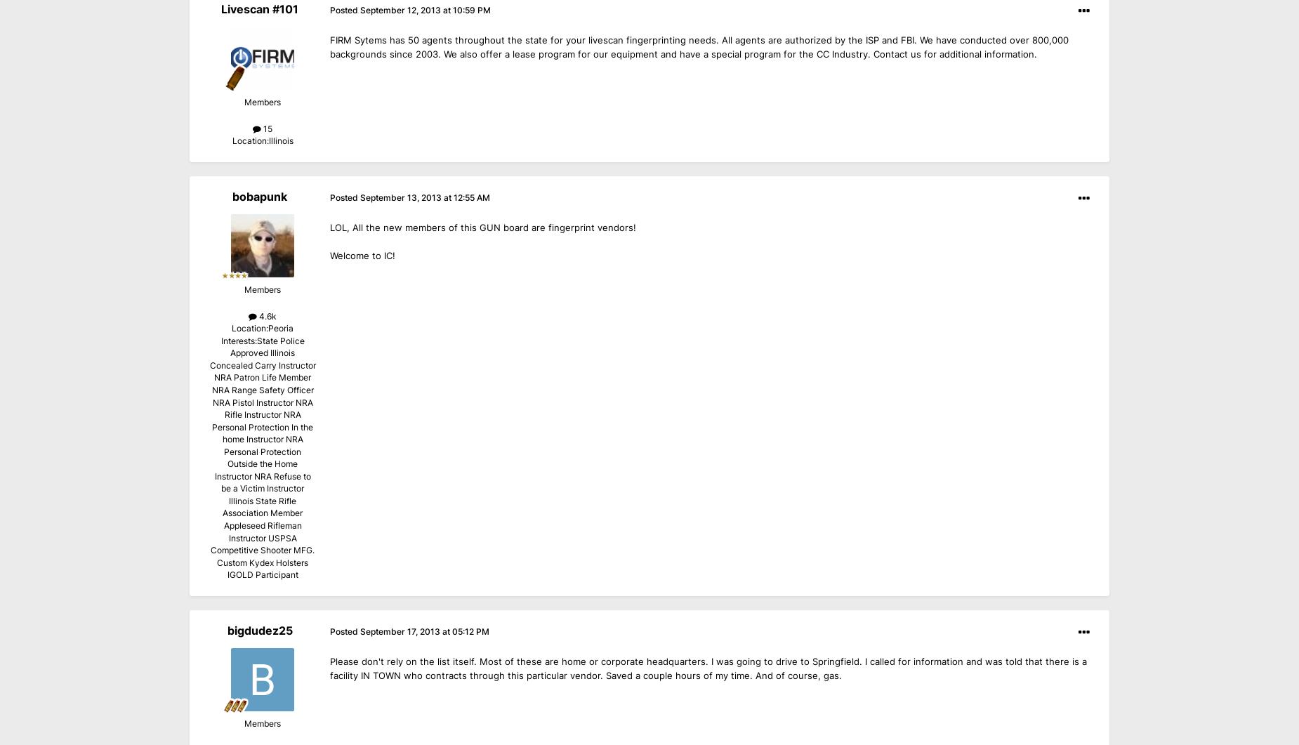 The width and height of the screenshot is (1299, 745). Describe the element at coordinates (279, 140) in the screenshot. I see `'Illinois'` at that location.